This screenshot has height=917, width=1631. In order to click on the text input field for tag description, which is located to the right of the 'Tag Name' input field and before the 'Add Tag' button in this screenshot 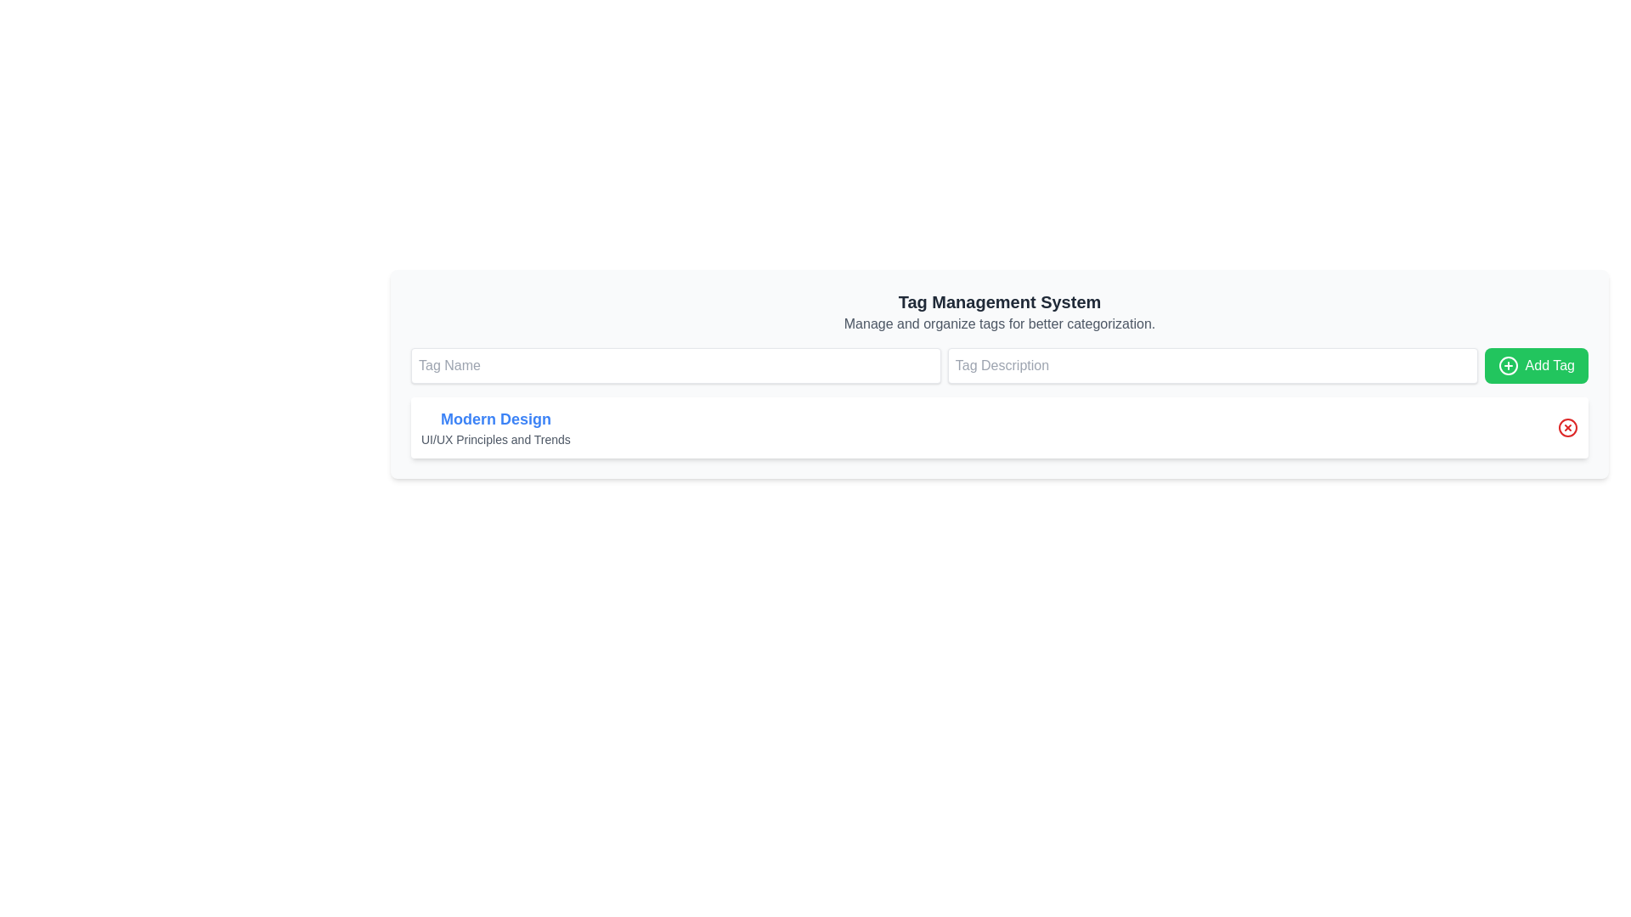, I will do `click(999, 365)`.